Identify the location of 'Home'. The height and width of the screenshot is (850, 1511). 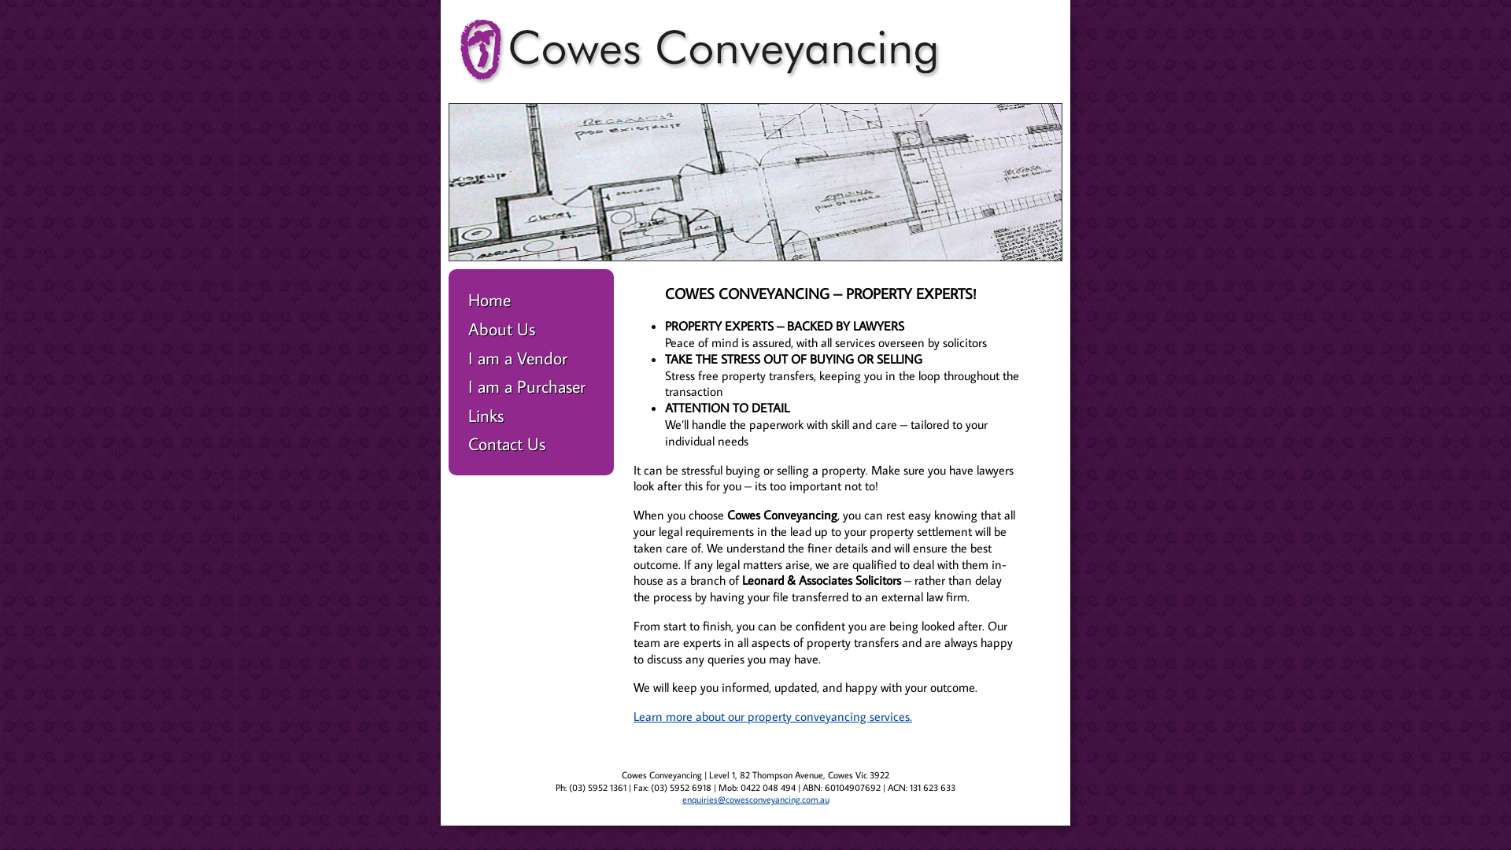
(531, 300).